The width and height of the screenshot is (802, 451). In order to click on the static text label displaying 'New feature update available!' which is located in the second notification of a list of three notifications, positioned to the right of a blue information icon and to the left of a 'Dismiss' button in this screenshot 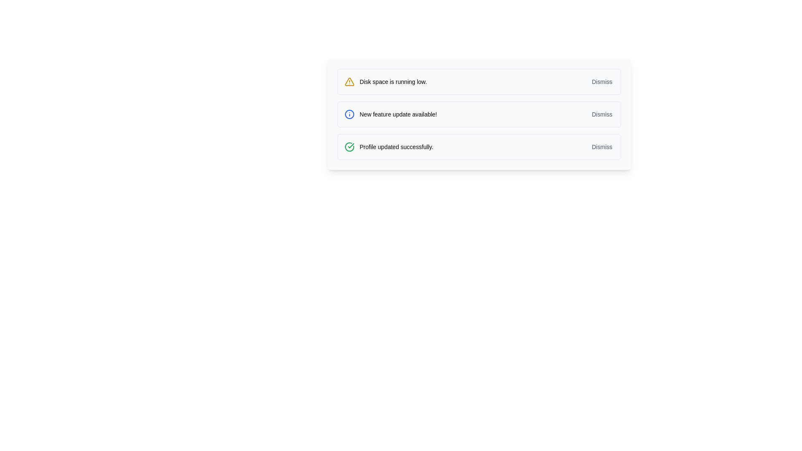, I will do `click(398, 114)`.